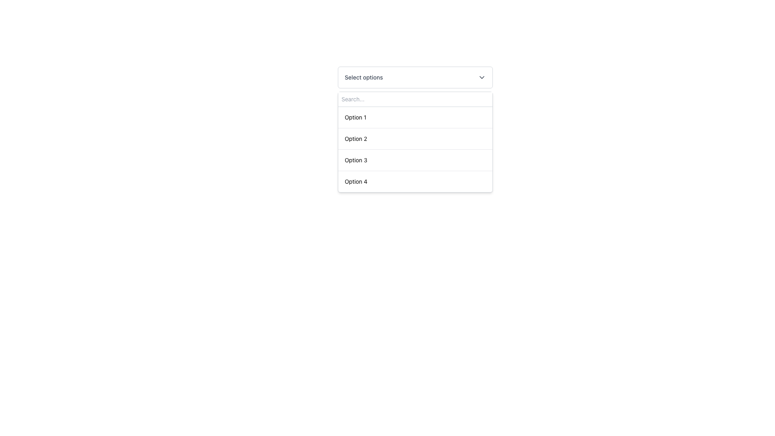 Image resolution: width=775 pixels, height=436 pixels. What do you see at coordinates (415, 180) in the screenshot?
I see `the fourth item labeled 'Option 4' in the dropdown list` at bounding box center [415, 180].